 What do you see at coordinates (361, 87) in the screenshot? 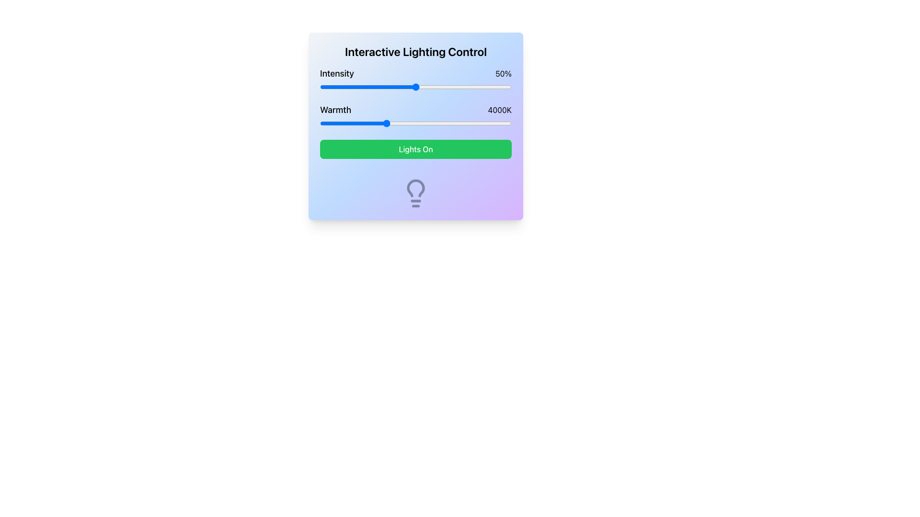
I see `the slider value` at bounding box center [361, 87].